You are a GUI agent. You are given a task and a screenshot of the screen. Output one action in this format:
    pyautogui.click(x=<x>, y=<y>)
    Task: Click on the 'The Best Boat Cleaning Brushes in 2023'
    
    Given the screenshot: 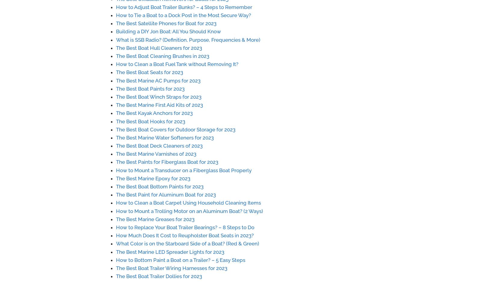 What is the action you would take?
    pyautogui.click(x=162, y=56)
    